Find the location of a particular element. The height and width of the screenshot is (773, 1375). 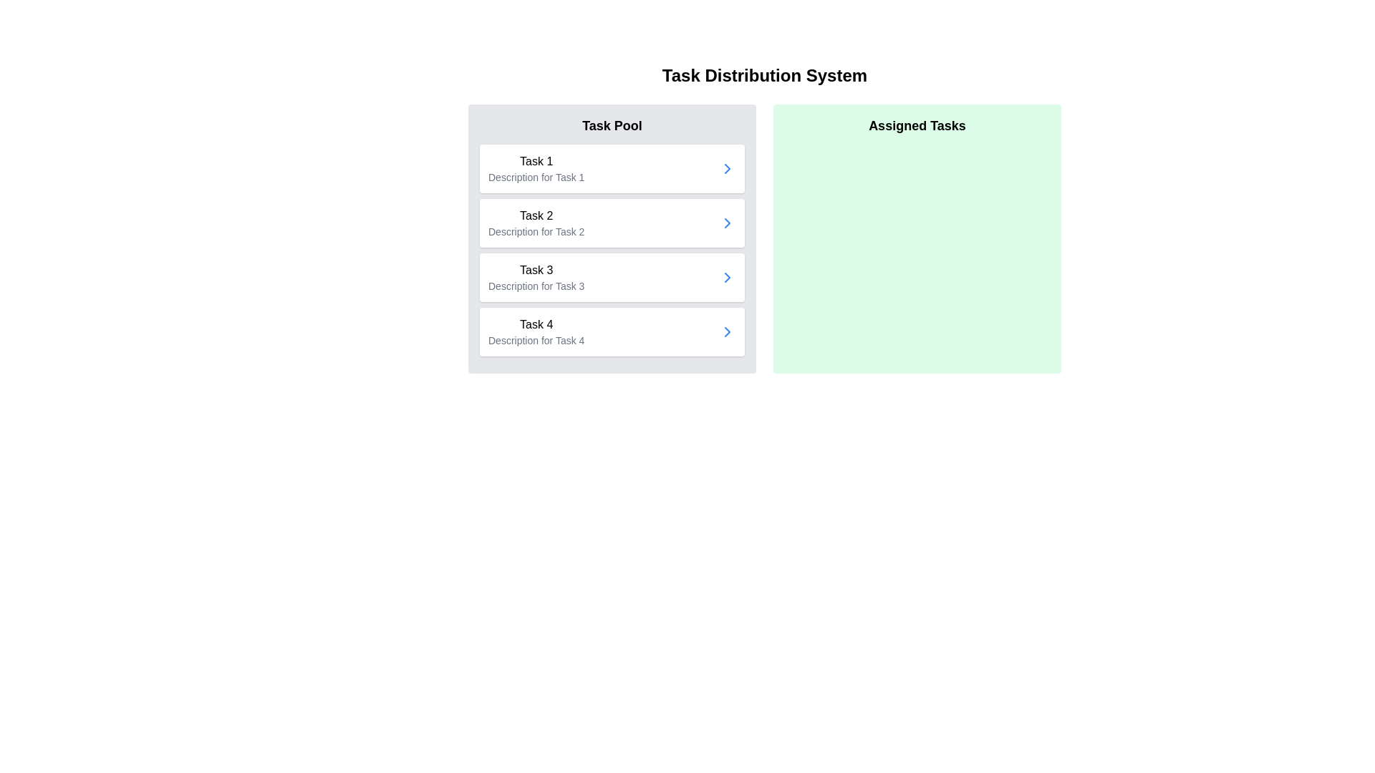

the navigation icon located to the right of the task description for 'Task 1' in the 'Task Pool' section is located at coordinates (728, 167).